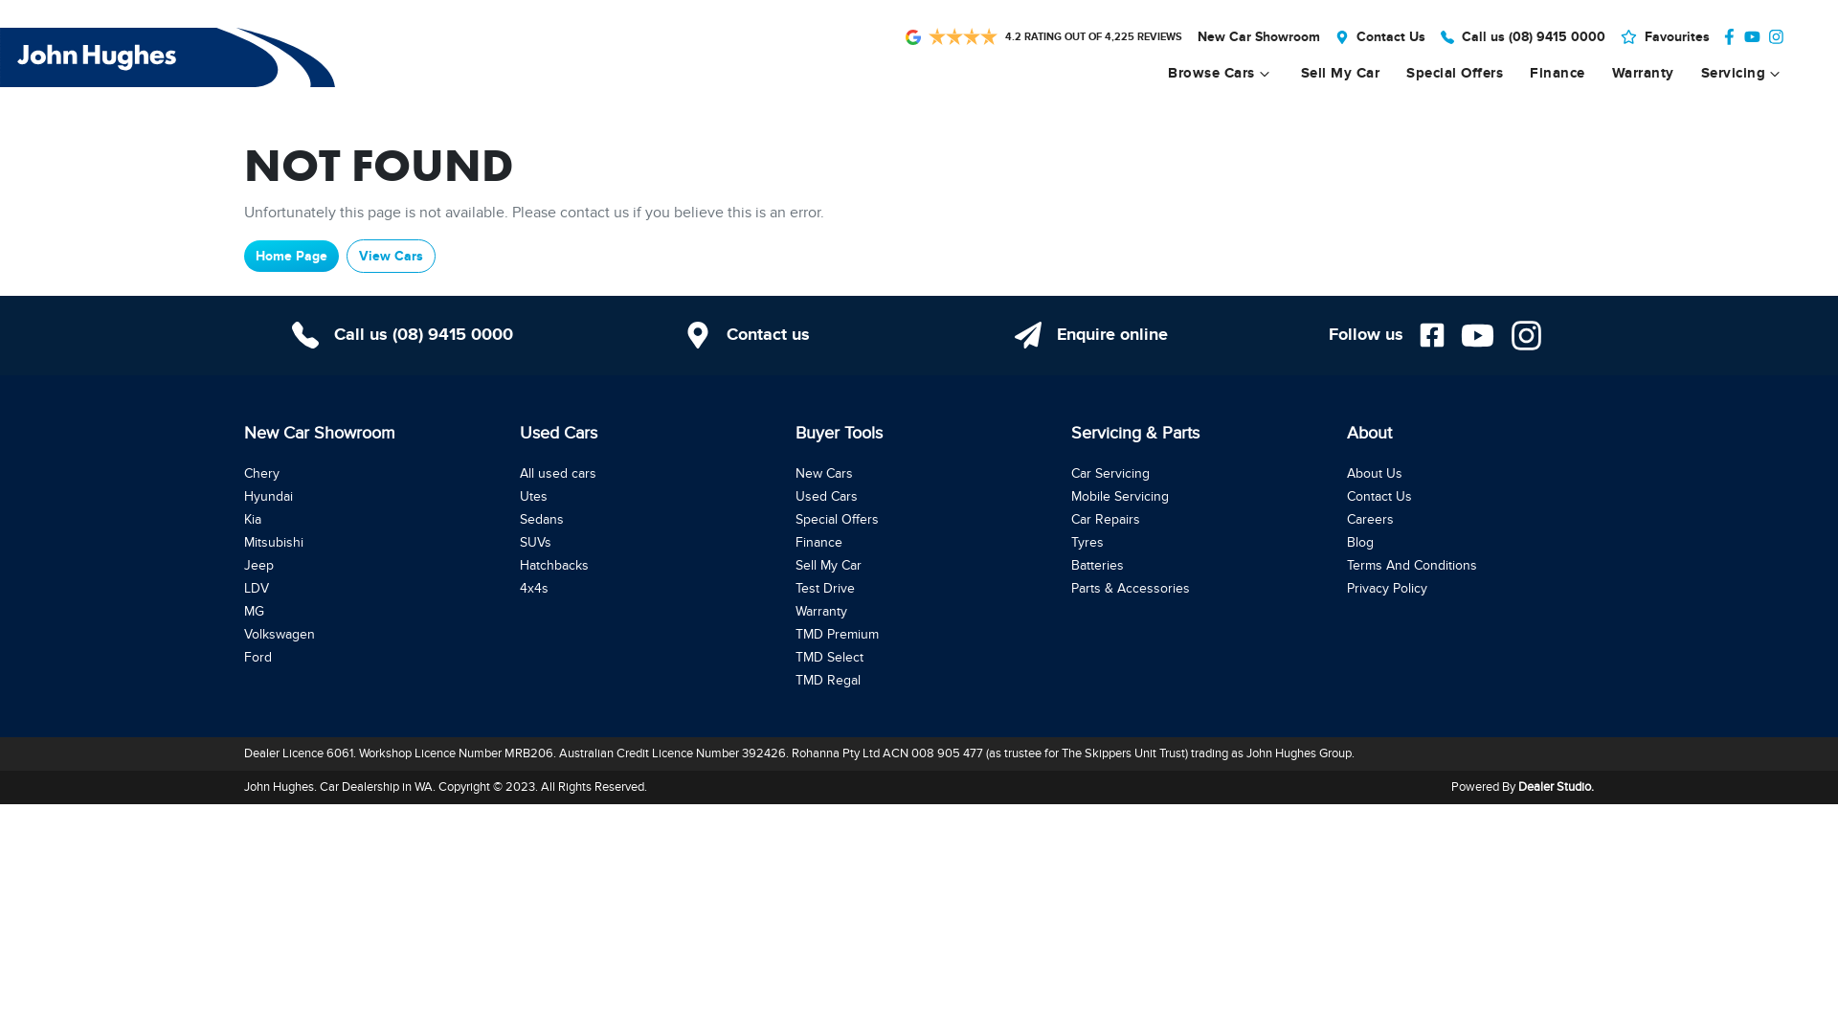 The width and height of the screenshot is (1838, 1034). I want to click on 'About Us', so click(1373, 473).